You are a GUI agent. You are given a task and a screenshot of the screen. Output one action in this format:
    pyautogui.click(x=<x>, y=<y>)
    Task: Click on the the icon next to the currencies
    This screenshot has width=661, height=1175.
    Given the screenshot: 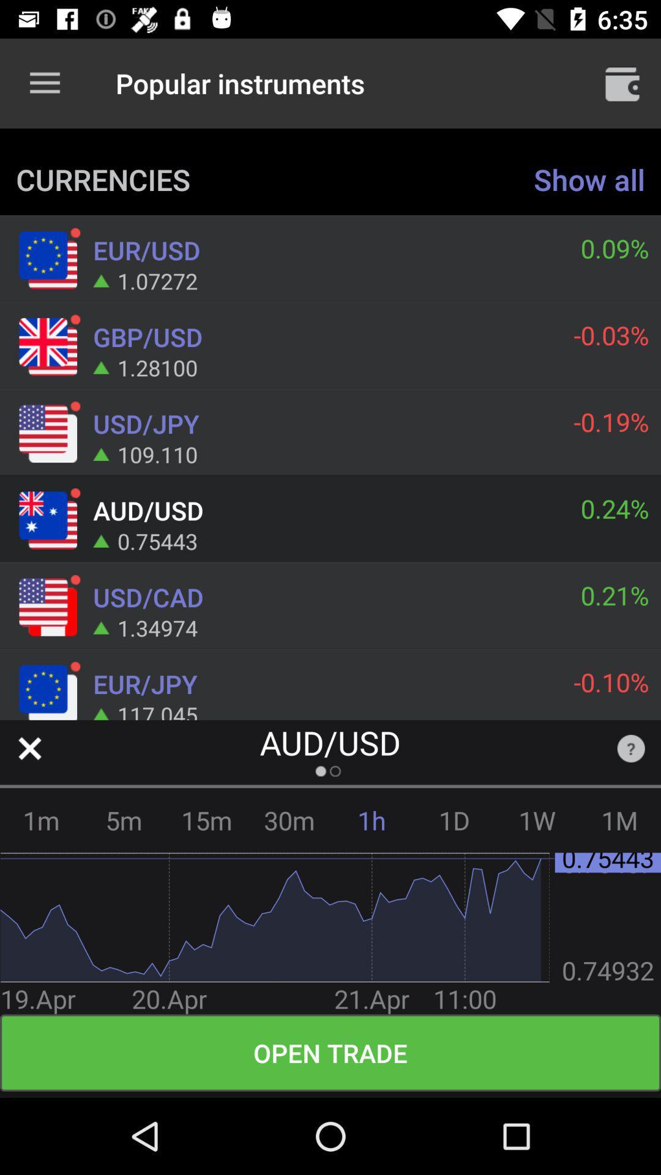 What is the action you would take?
    pyautogui.click(x=589, y=179)
    